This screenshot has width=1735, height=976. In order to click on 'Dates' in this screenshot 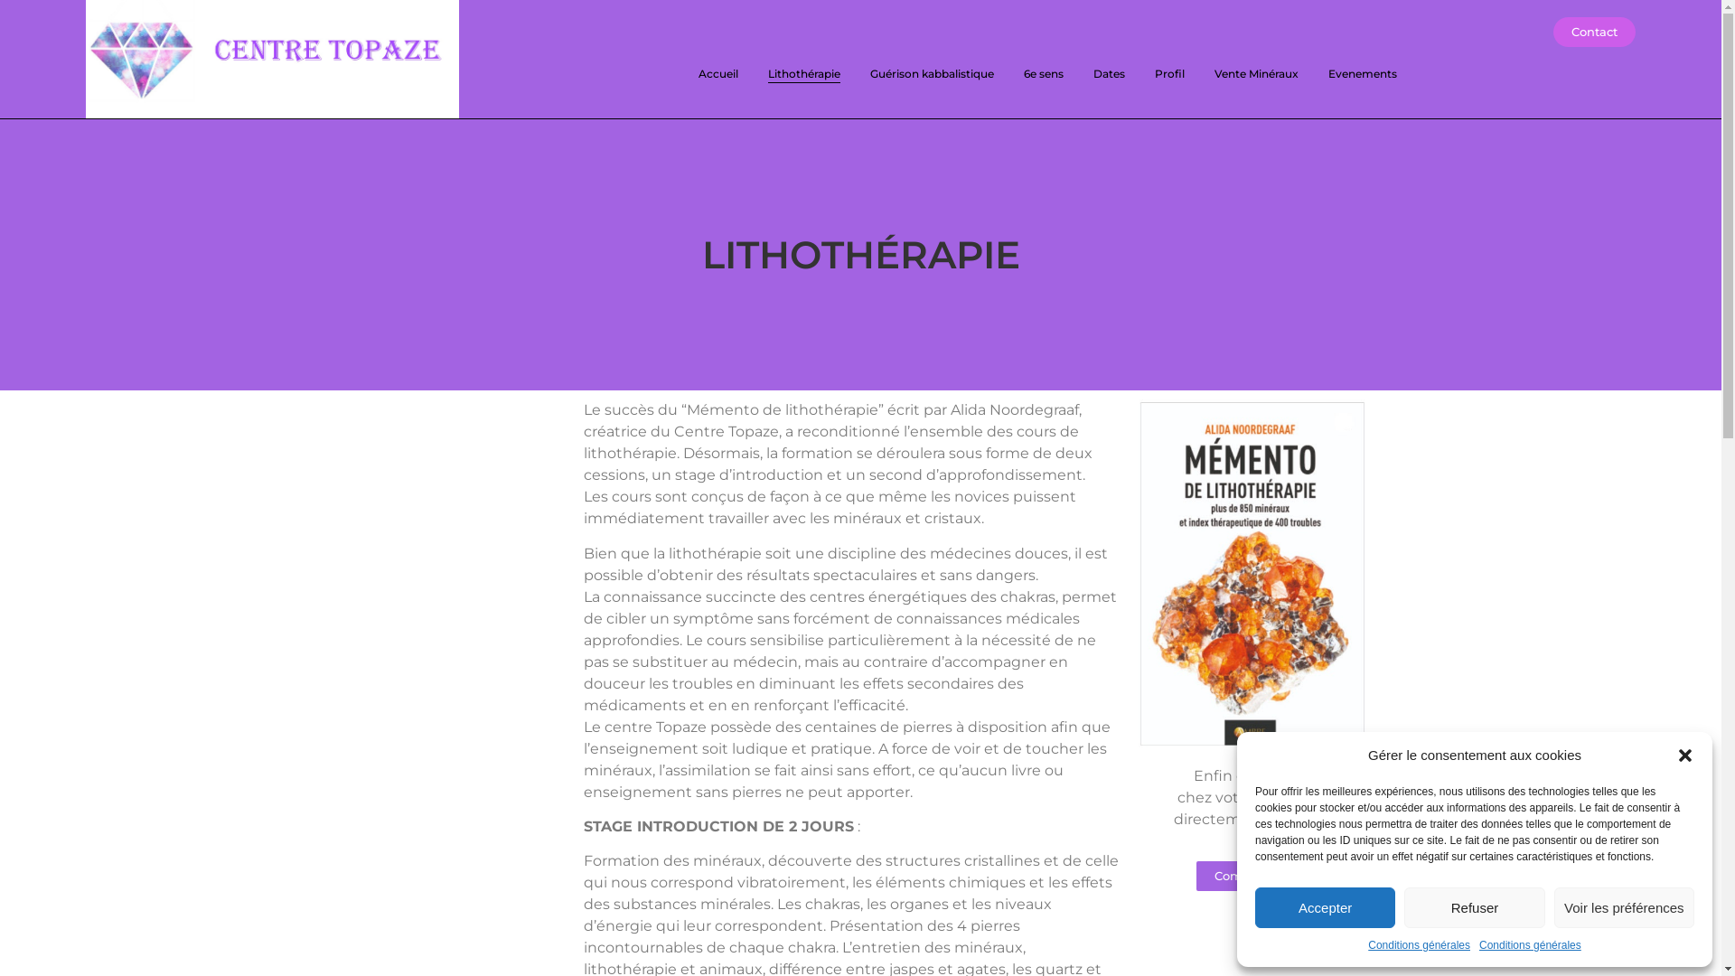, I will do `click(1108, 72)`.